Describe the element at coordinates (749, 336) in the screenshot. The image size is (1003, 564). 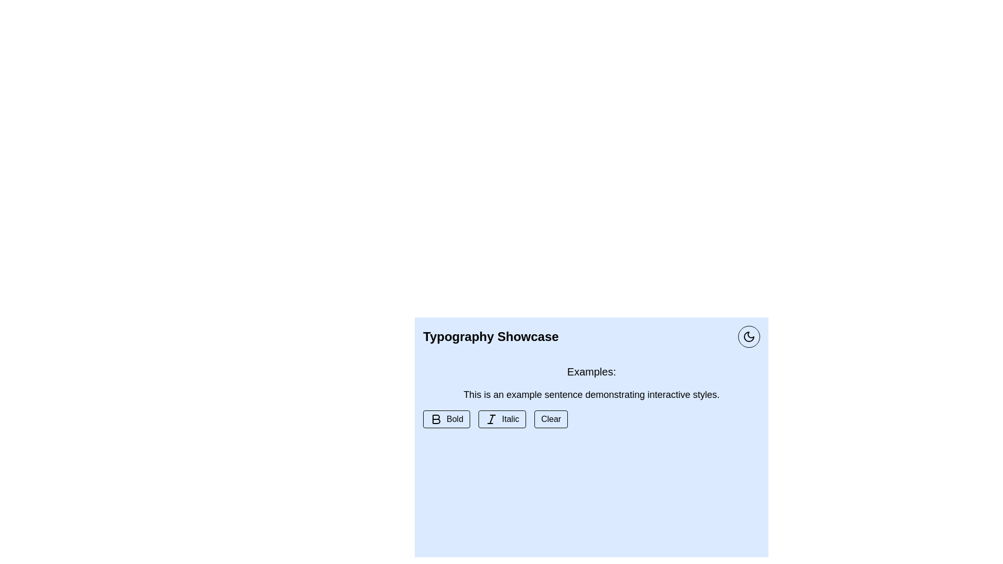
I see `the crescent moon icon in the top-right corner of the 'Typography Showcase' header` at that location.